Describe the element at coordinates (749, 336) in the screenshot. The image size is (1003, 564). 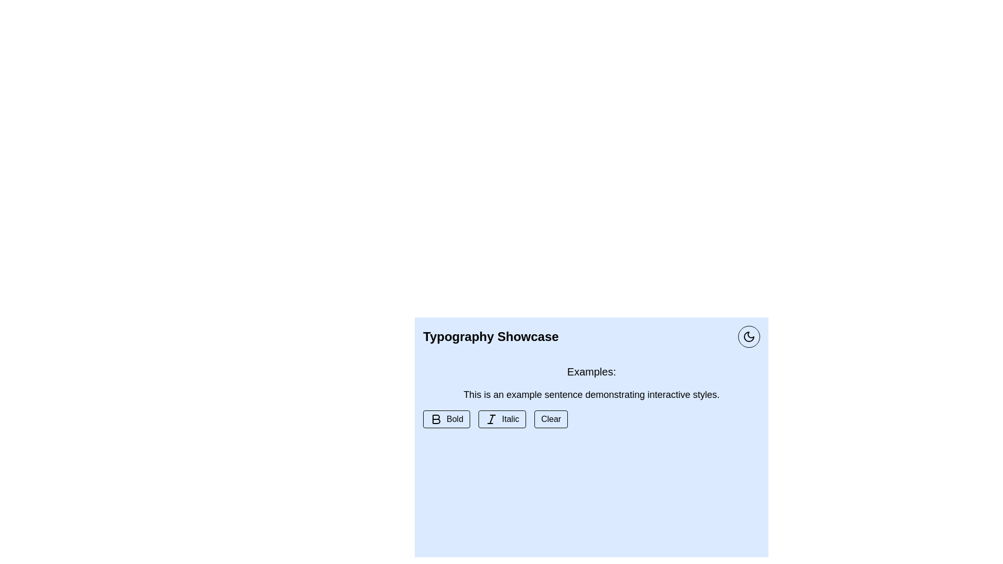
I see `the crescent moon icon in the top-right corner of the 'Typography Showcase' header` at that location.